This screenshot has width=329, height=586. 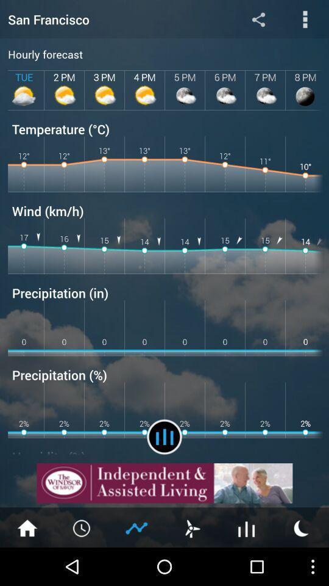 I want to click on the pause icon, so click(x=164, y=467).